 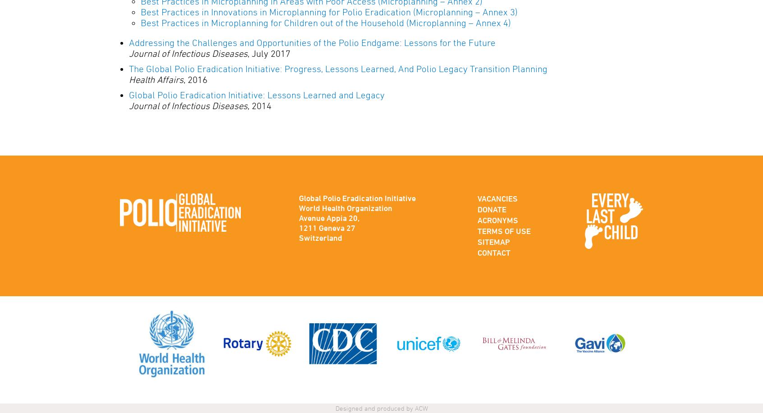 I want to click on 'Addressing the Challenges and Opportunities of the Polio Endgame: Lessons for the Future', so click(x=312, y=42).